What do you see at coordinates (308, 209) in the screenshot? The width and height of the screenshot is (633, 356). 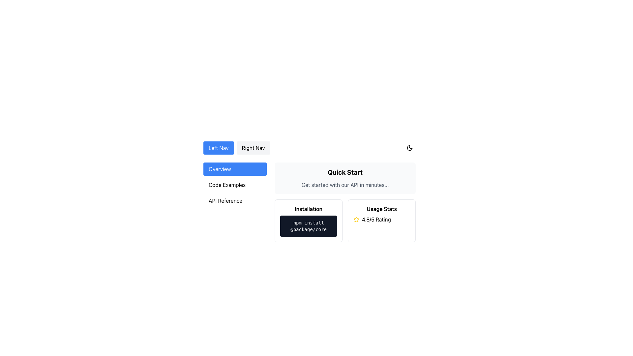 I see `the Text Label that serves as a title for the installation instructions in the 'Quick Start' section, positioned above a code snippet` at bounding box center [308, 209].